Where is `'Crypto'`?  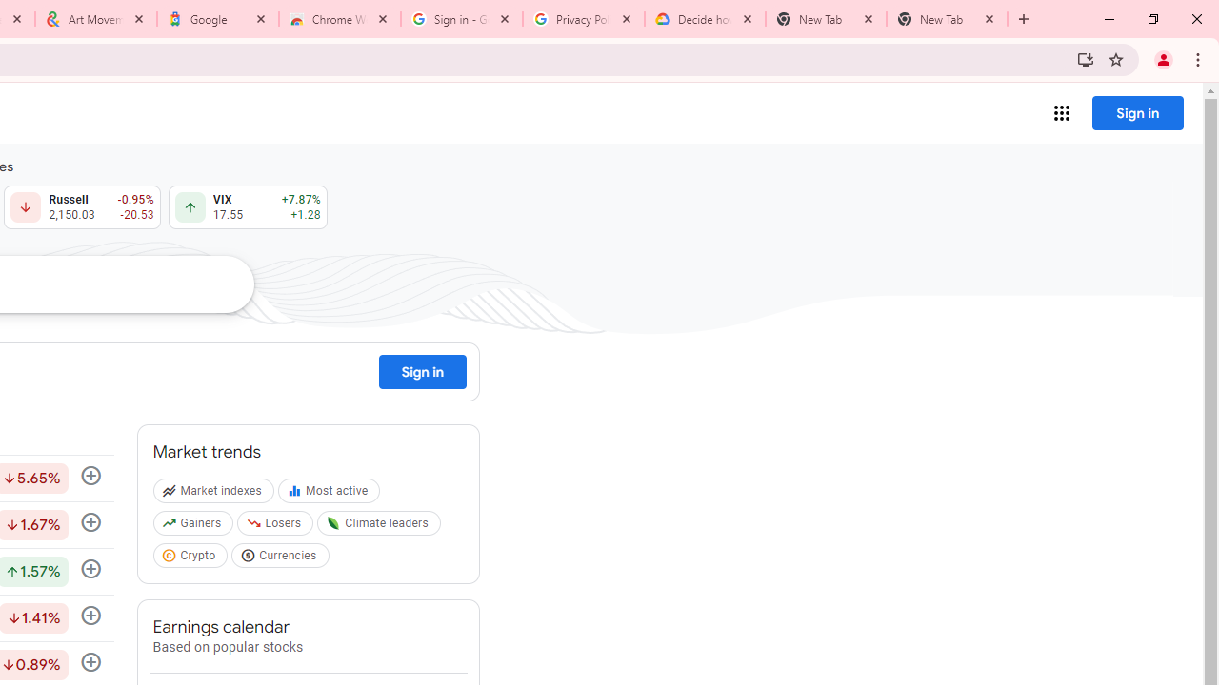 'Crypto' is located at coordinates (192, 558).